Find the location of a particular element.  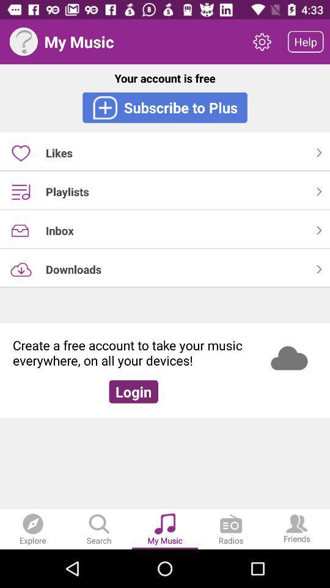

the item next to the my music icon is located at coordinates (261, 42).